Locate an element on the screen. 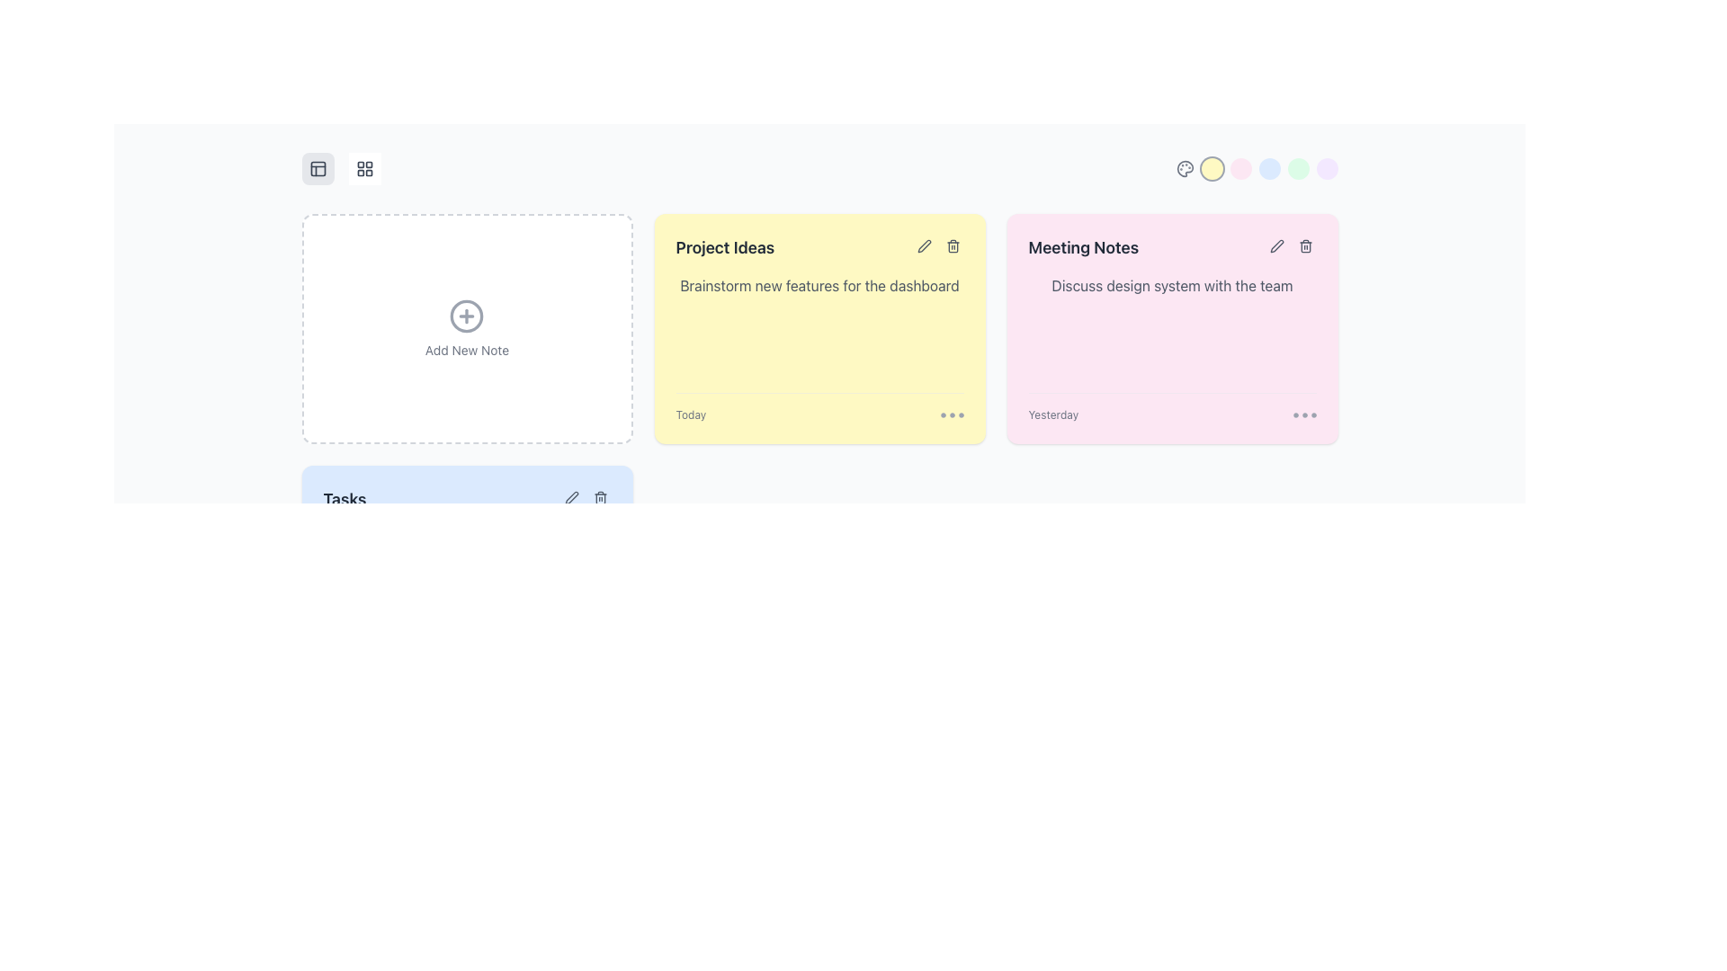 The width and height of the screenshot is (1727, 971). the circular icon button with a gray outline and centered plus sign, located above the label 'Add New Note' is located at coordinates (467, 315).